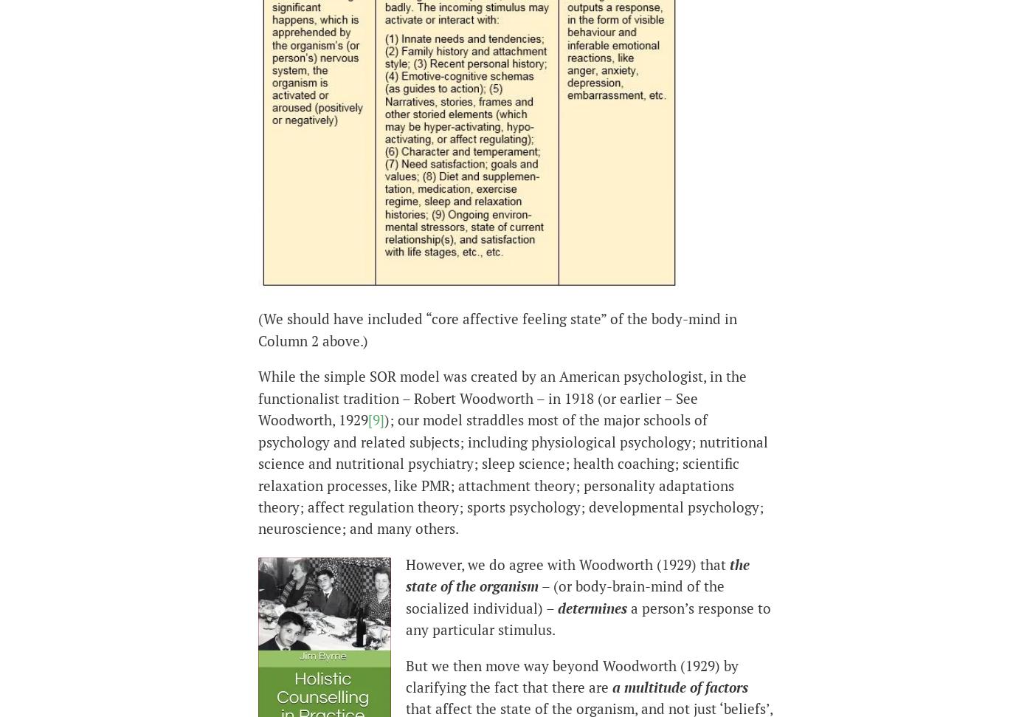 The height and width of the screenshot is (717, 1033). What do you see at coordinates (513, 473) in the screenshot?
I see `'); our model straddles most of the major schools of psychology and related subjects; including physiological psychology; nutritional science and nutritional psychiatry; sleep science; health coaching; scientific relaxation processes, like PMR; attachment theory; personality adaptations theory; affect regulation theory; sports psychology; developmental psychology; neuroscience; and many others.'` at bounding box center [513, 473].